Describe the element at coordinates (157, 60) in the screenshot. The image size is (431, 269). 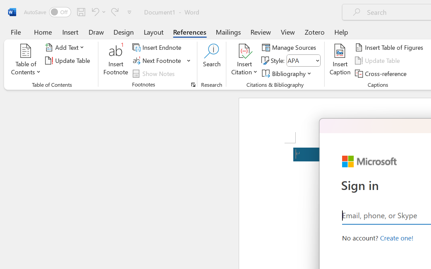
I see `'Next Footnote'` at that location.